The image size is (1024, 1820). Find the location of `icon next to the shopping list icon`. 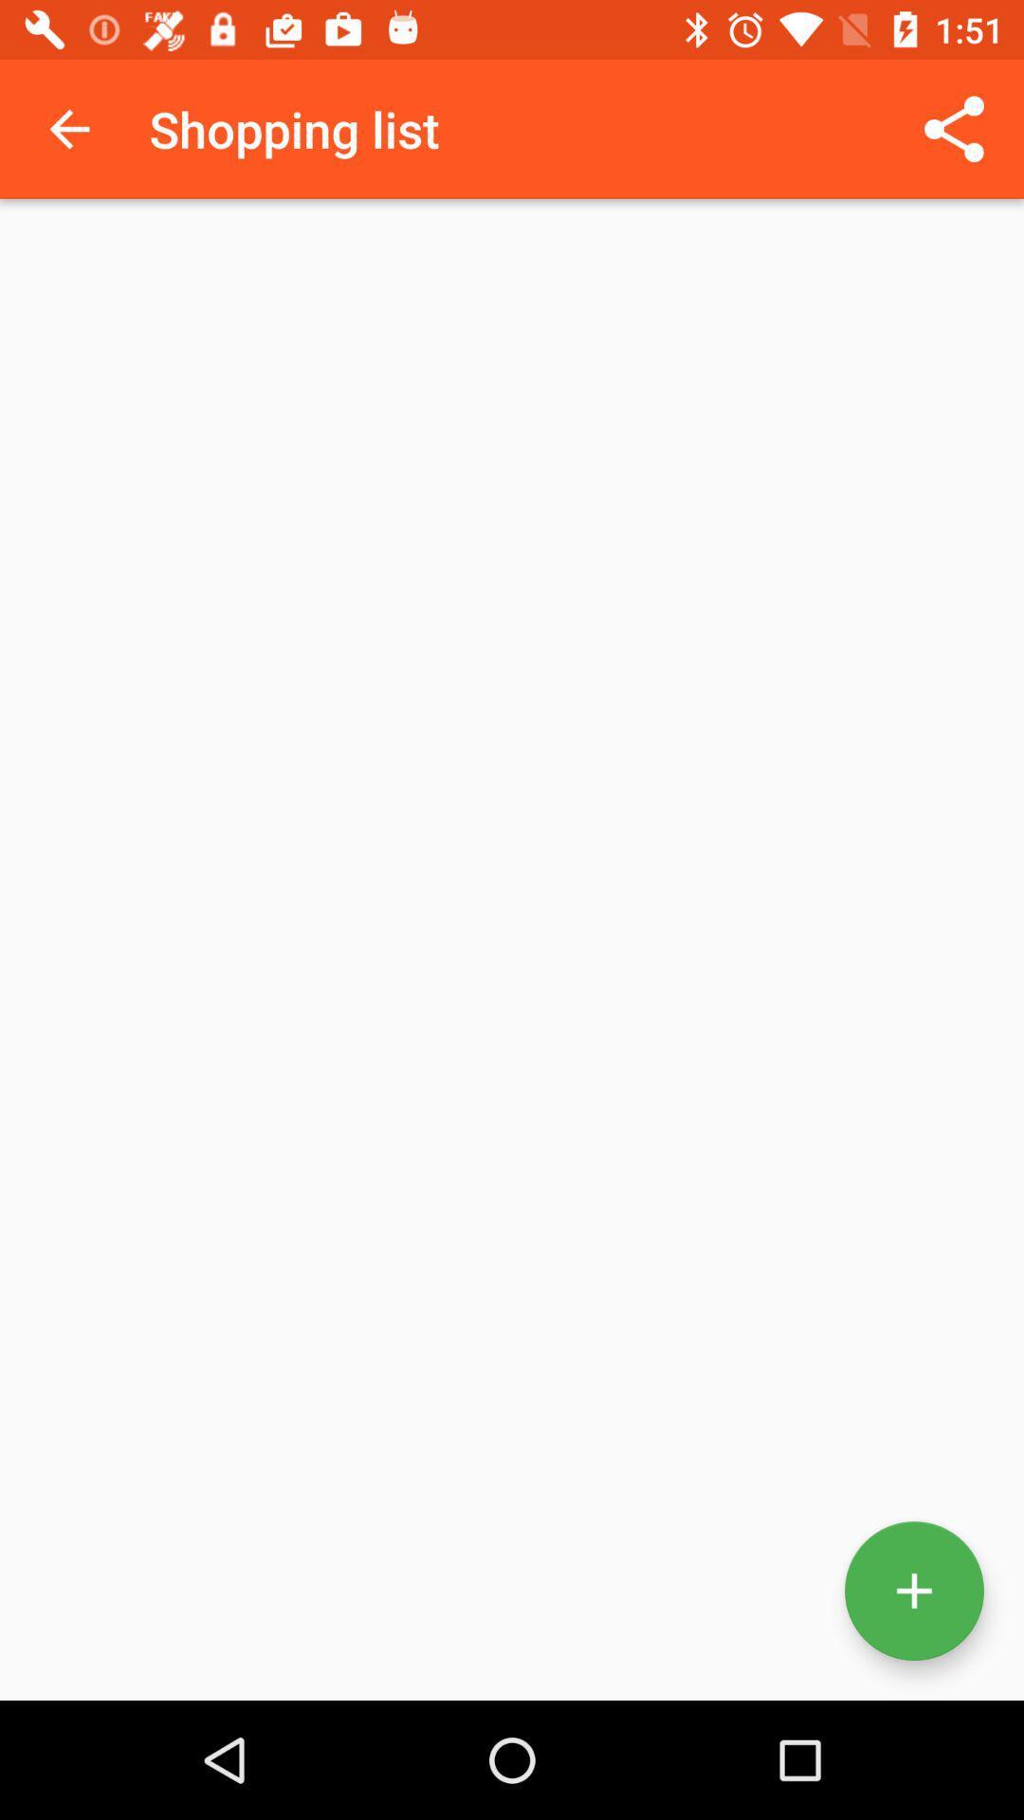

icon next to the shopping list icon is located at coordinates (68, 128).